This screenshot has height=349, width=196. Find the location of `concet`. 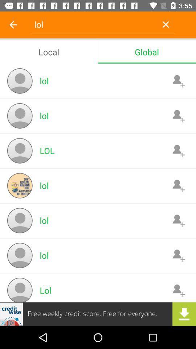

concet is located at coordinates (178, 81).